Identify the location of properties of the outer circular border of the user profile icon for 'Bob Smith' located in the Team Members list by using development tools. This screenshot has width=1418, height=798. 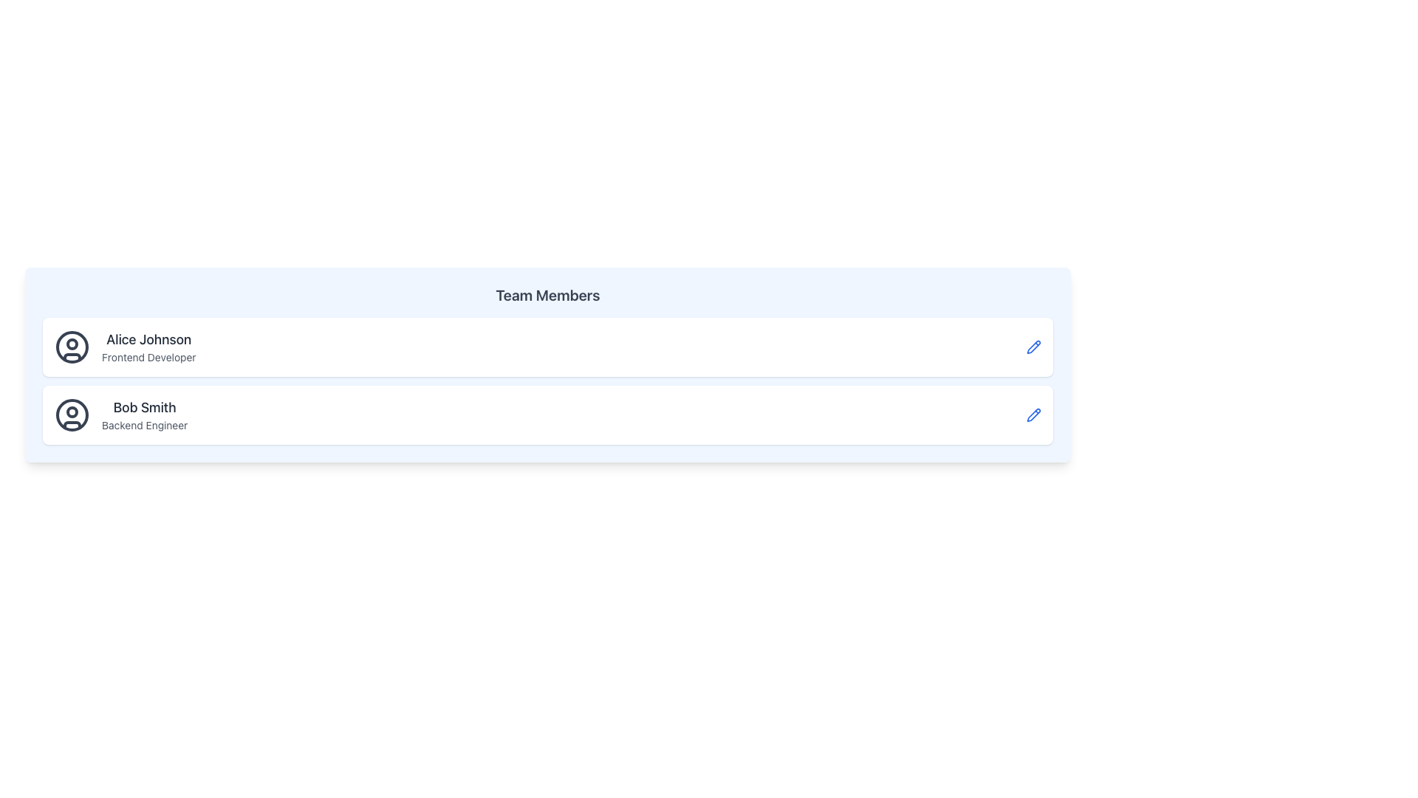
(71, 415).